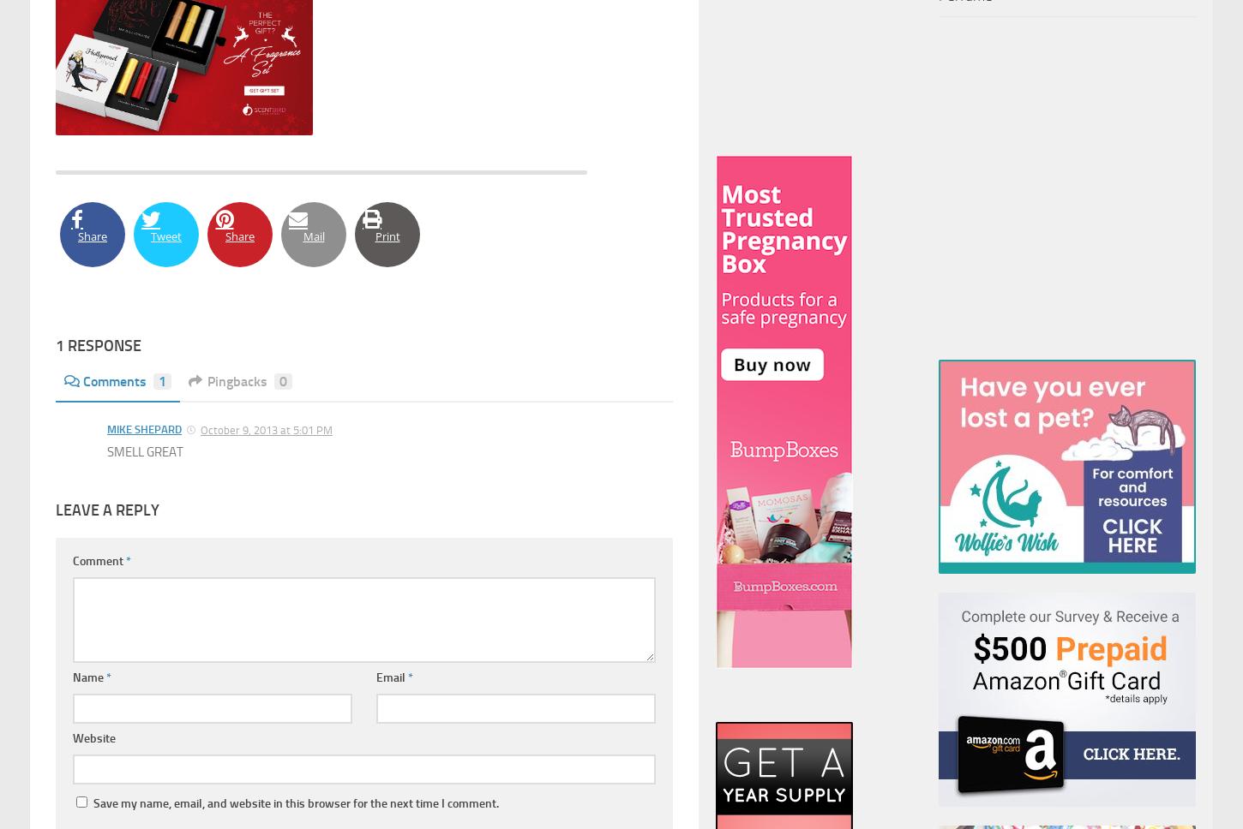 This screenshot has height=829, width=1243. What do you see at coordinates (55, 346) in the screenshot?
I see `'1 Response'` at bounding box center [55, 346].